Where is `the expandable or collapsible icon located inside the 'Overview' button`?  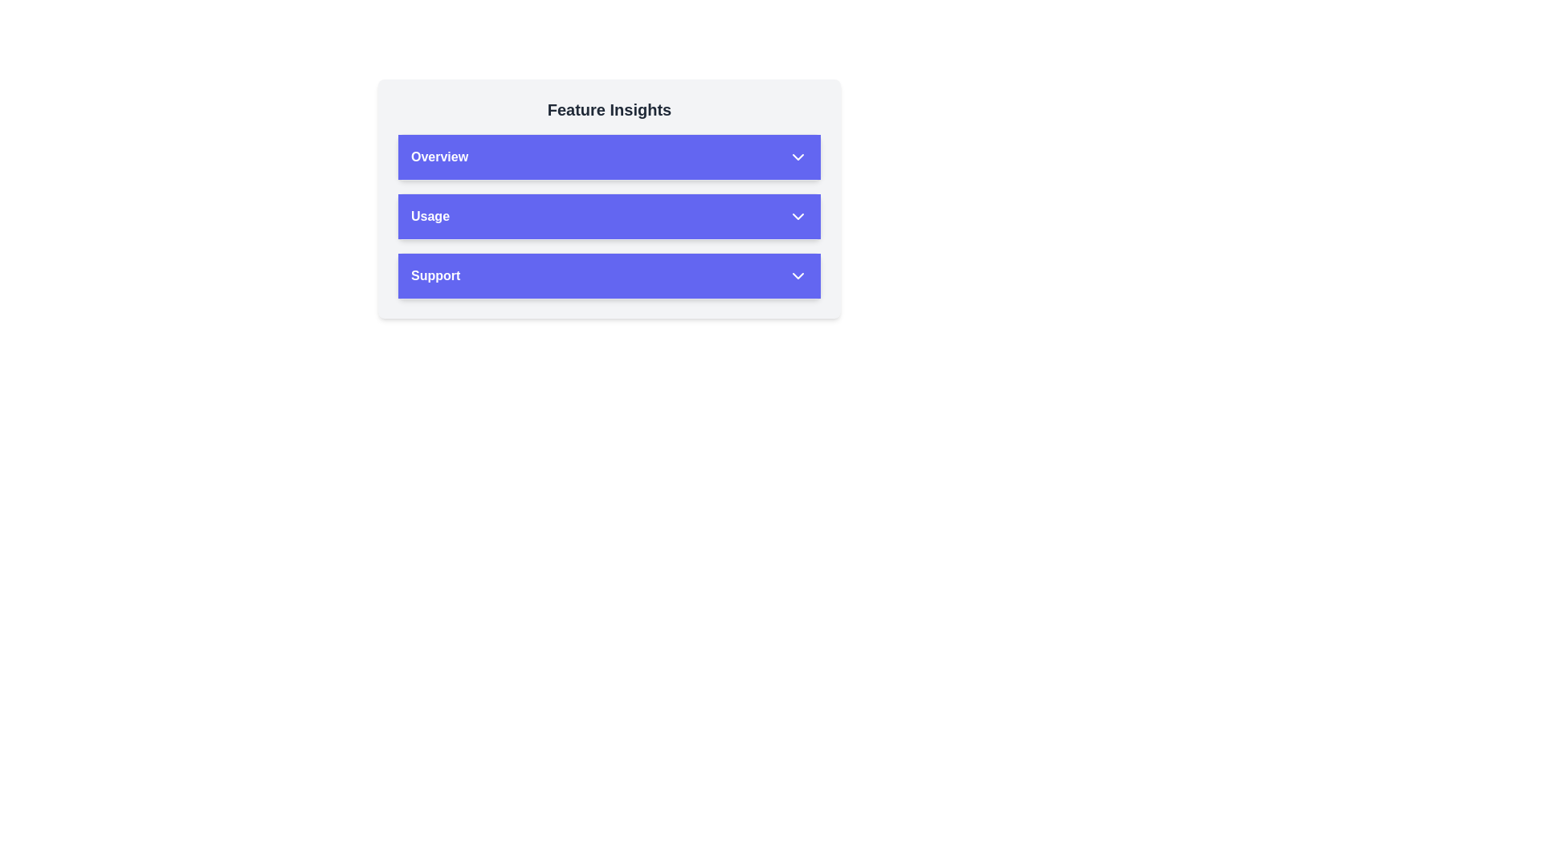
the expandable or collapsible icon located inside the 'Overview' button is located at coordinates (798, 157).